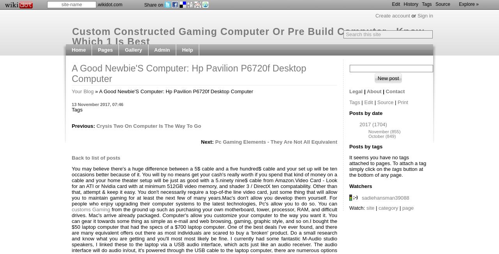 The image size is (499, 254). What do you see at coordinates (154, 95) in the screenshot?
I see `'Edit side menu'` at bounding box center [154, 95].